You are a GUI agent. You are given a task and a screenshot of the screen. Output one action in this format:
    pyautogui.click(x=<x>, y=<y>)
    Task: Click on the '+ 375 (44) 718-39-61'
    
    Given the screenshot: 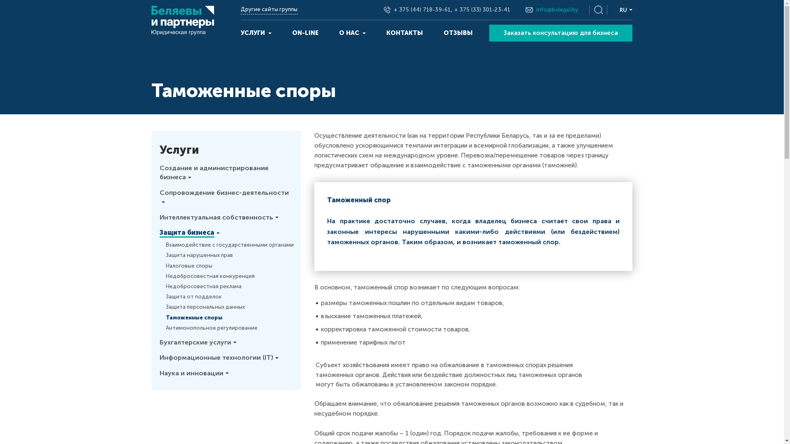 What is the action you would take?
    pyautogui.click(x=393, y=9)
    